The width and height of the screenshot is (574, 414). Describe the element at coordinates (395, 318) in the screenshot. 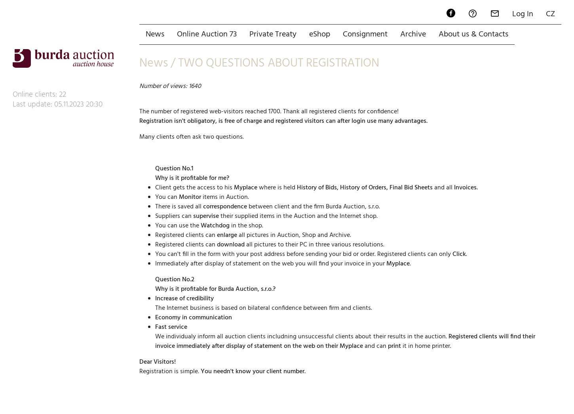

I see `'print'` at that location.